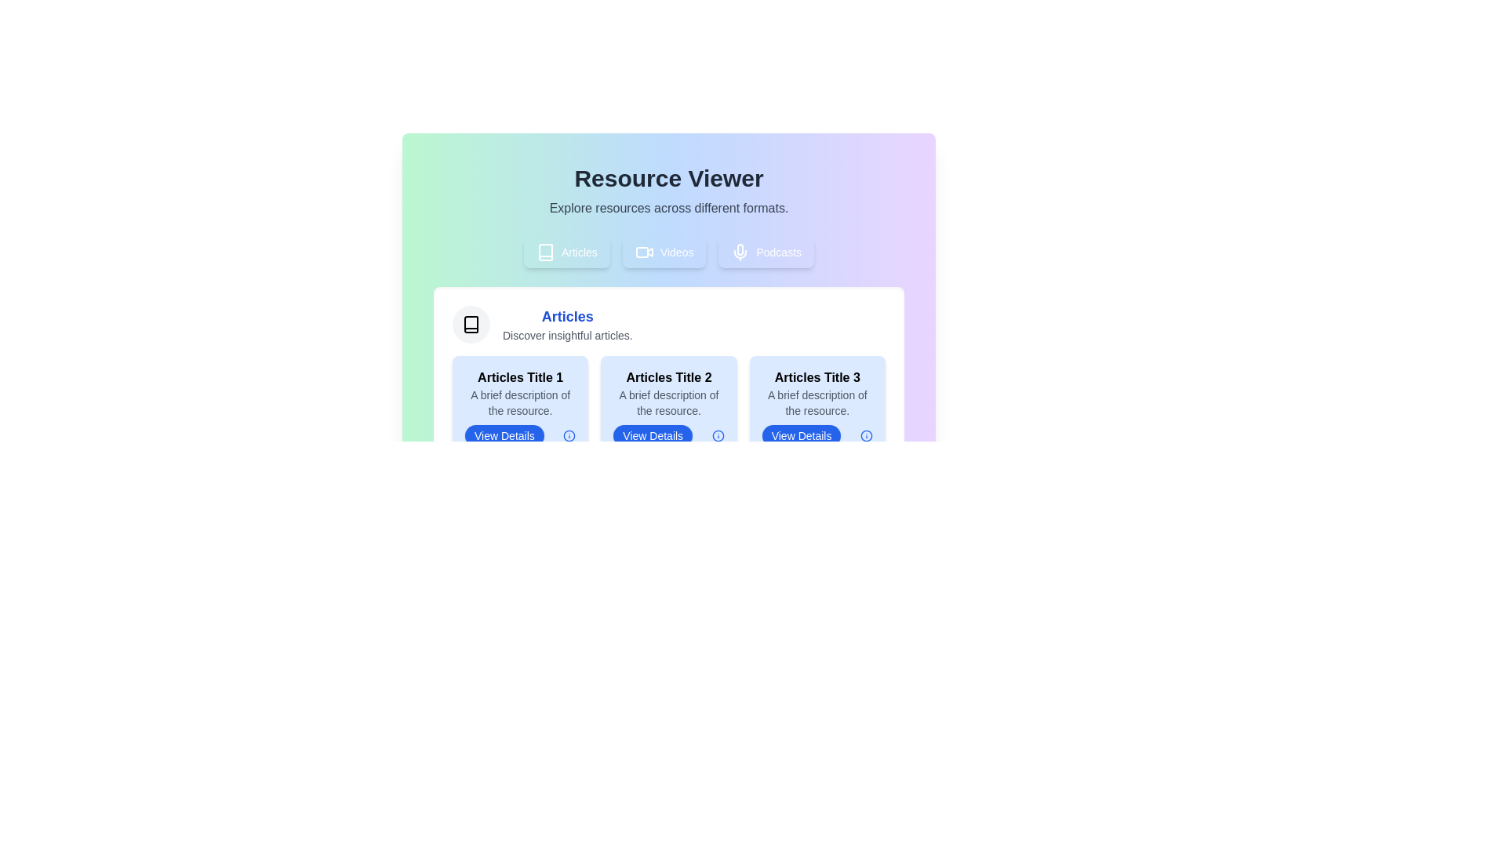 The width and height of the screenshot is (1506, 847). What do you see at coordinates (740, 251) in the screenshot?
I see `the 'Podcasts' tab icon, which is represented by a microphone icon located to the left of the textual label 'Podcasts' in the fourth position among a horizontal list of tabs` at bounding box center [740, 251].